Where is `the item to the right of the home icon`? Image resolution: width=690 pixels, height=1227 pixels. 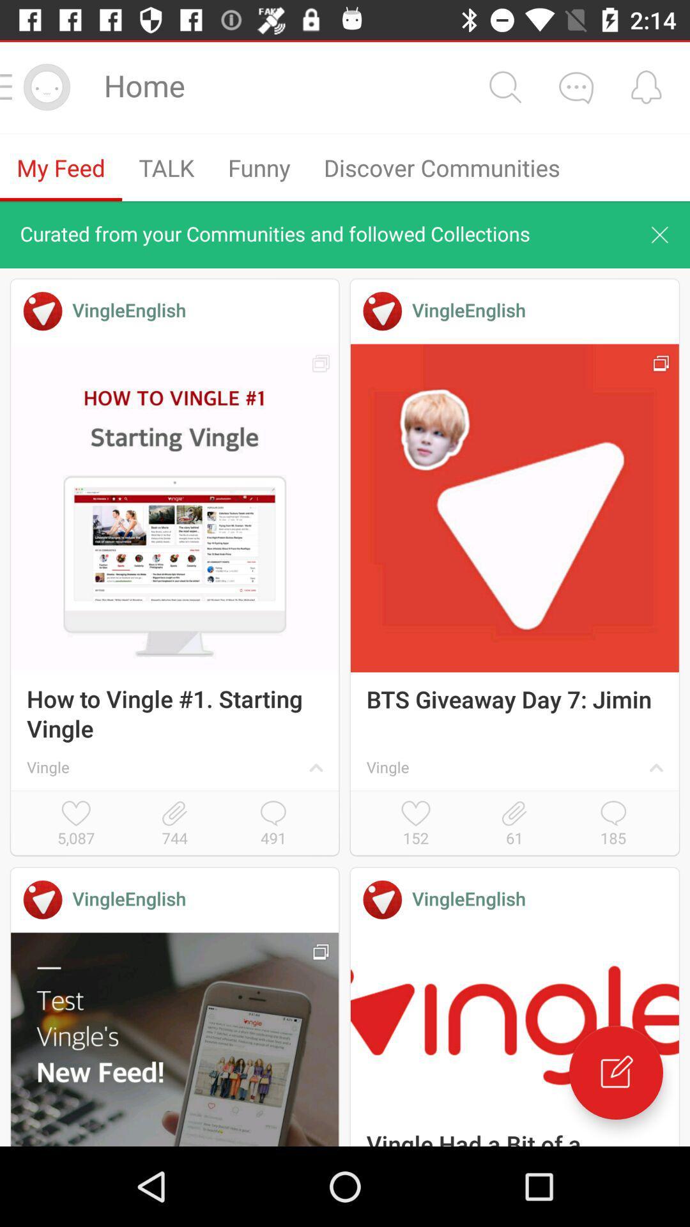 the item to the right of the home icon is located at coordinates (504, 86).